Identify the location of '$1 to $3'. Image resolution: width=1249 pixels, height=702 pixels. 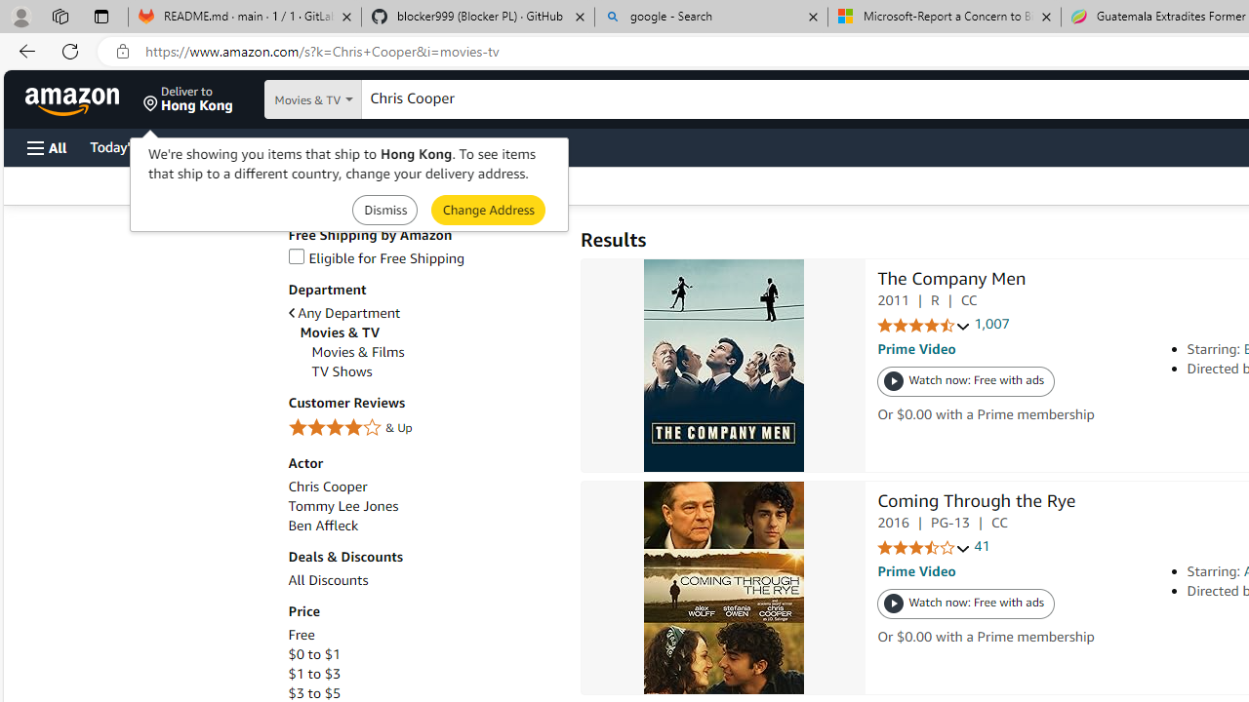
(313, 673).